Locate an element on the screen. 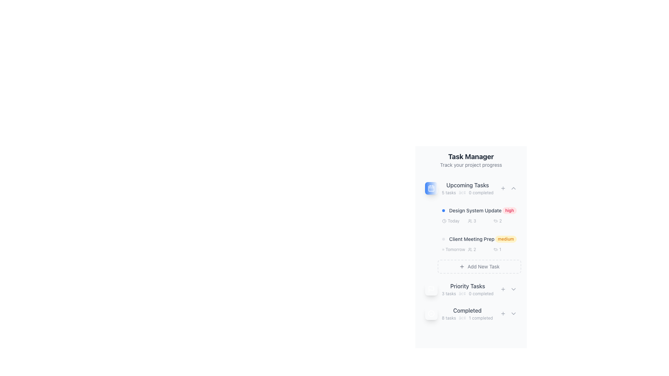 The width and height of the screenshot is (669, 376). the 'Design System Update' task card, which is the first entry in the list of upcoming tasks, located on the right side of the interface is located at coordinates (479, 215).